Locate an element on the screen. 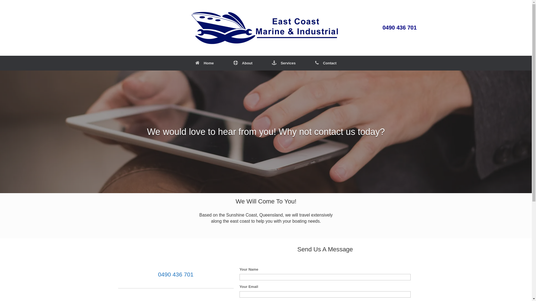 The height and width of the screenshot is (301, 536). 'Services' is located at coordinates (284, 63).